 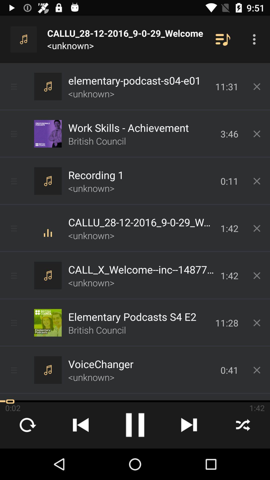 I want to click on the refresh icon, so click(x=27, y=424).